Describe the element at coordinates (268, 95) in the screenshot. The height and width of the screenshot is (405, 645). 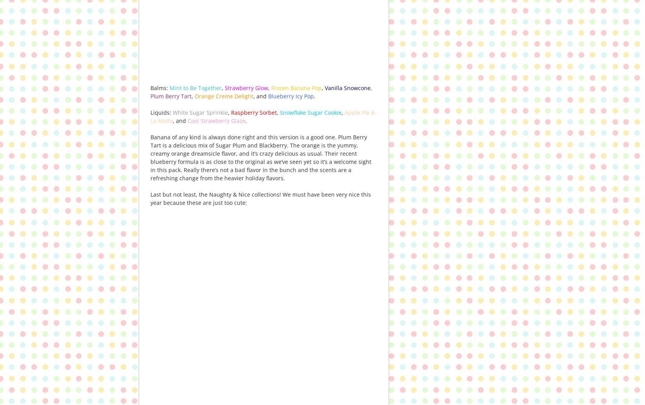
I see `'Blueberry Icy Pop'` at that location.